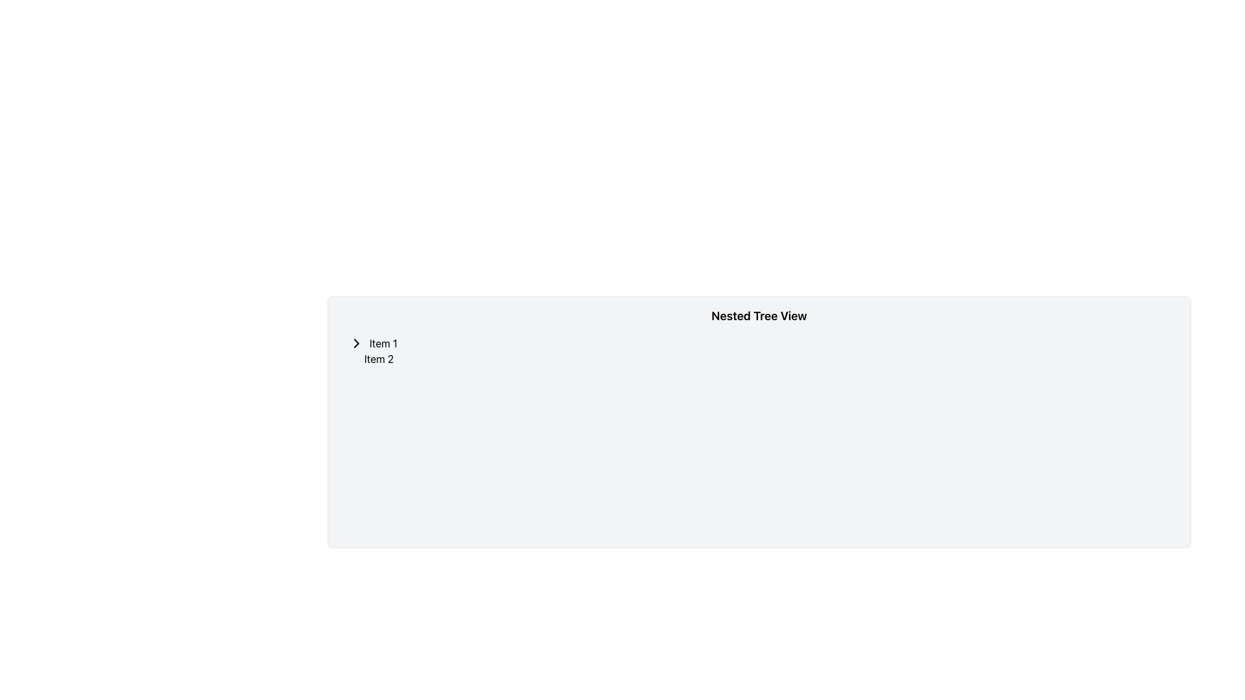  What do you see at coordinates (383, 342) in the screenshot?
I see `the static text element that labels the first item in the tree view layout, which is non-interactive and serves solely as a descriptive text` at bounding box center [383, 342].